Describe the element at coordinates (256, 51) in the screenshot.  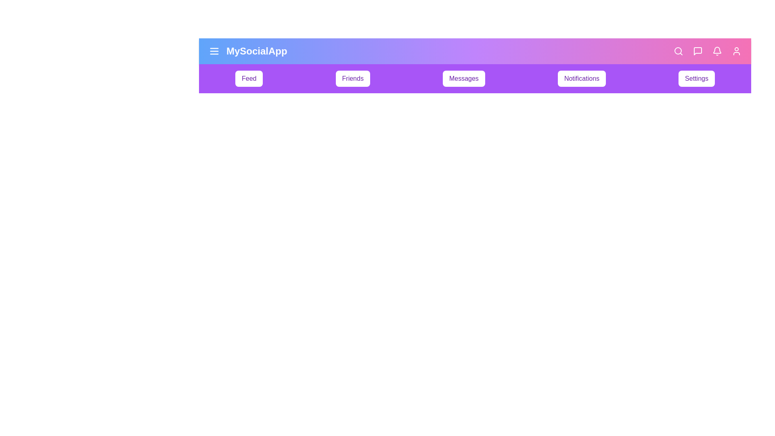
I see `the application title text 'MySocialApp'` at that location.